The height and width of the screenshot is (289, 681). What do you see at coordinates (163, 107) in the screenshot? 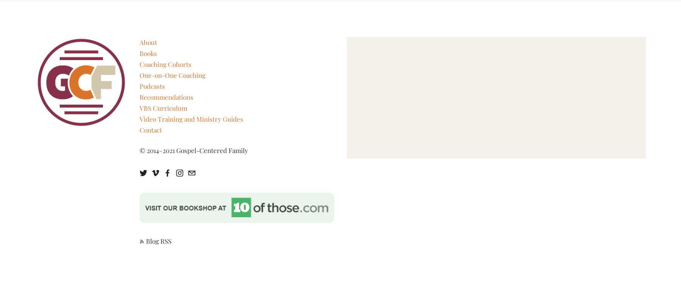
I see `'VBS Curriculum'` at bounding box center [163, 107].